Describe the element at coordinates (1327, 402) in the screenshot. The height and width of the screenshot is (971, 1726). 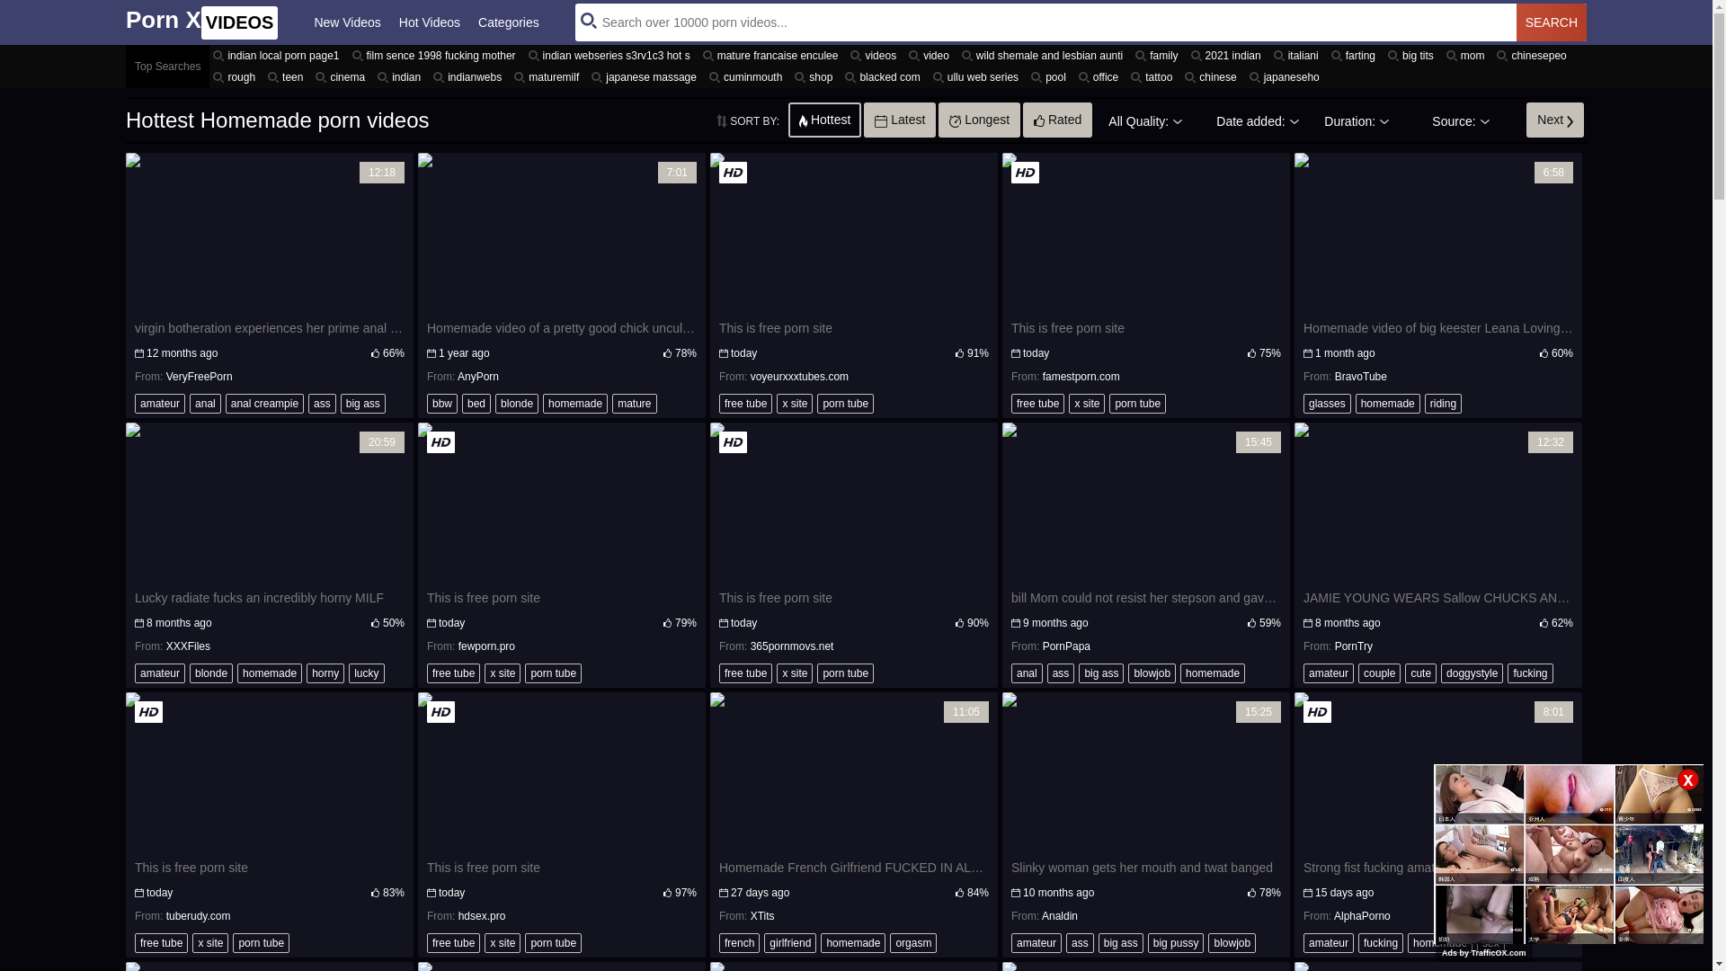
I see `'glasses'` at that location.